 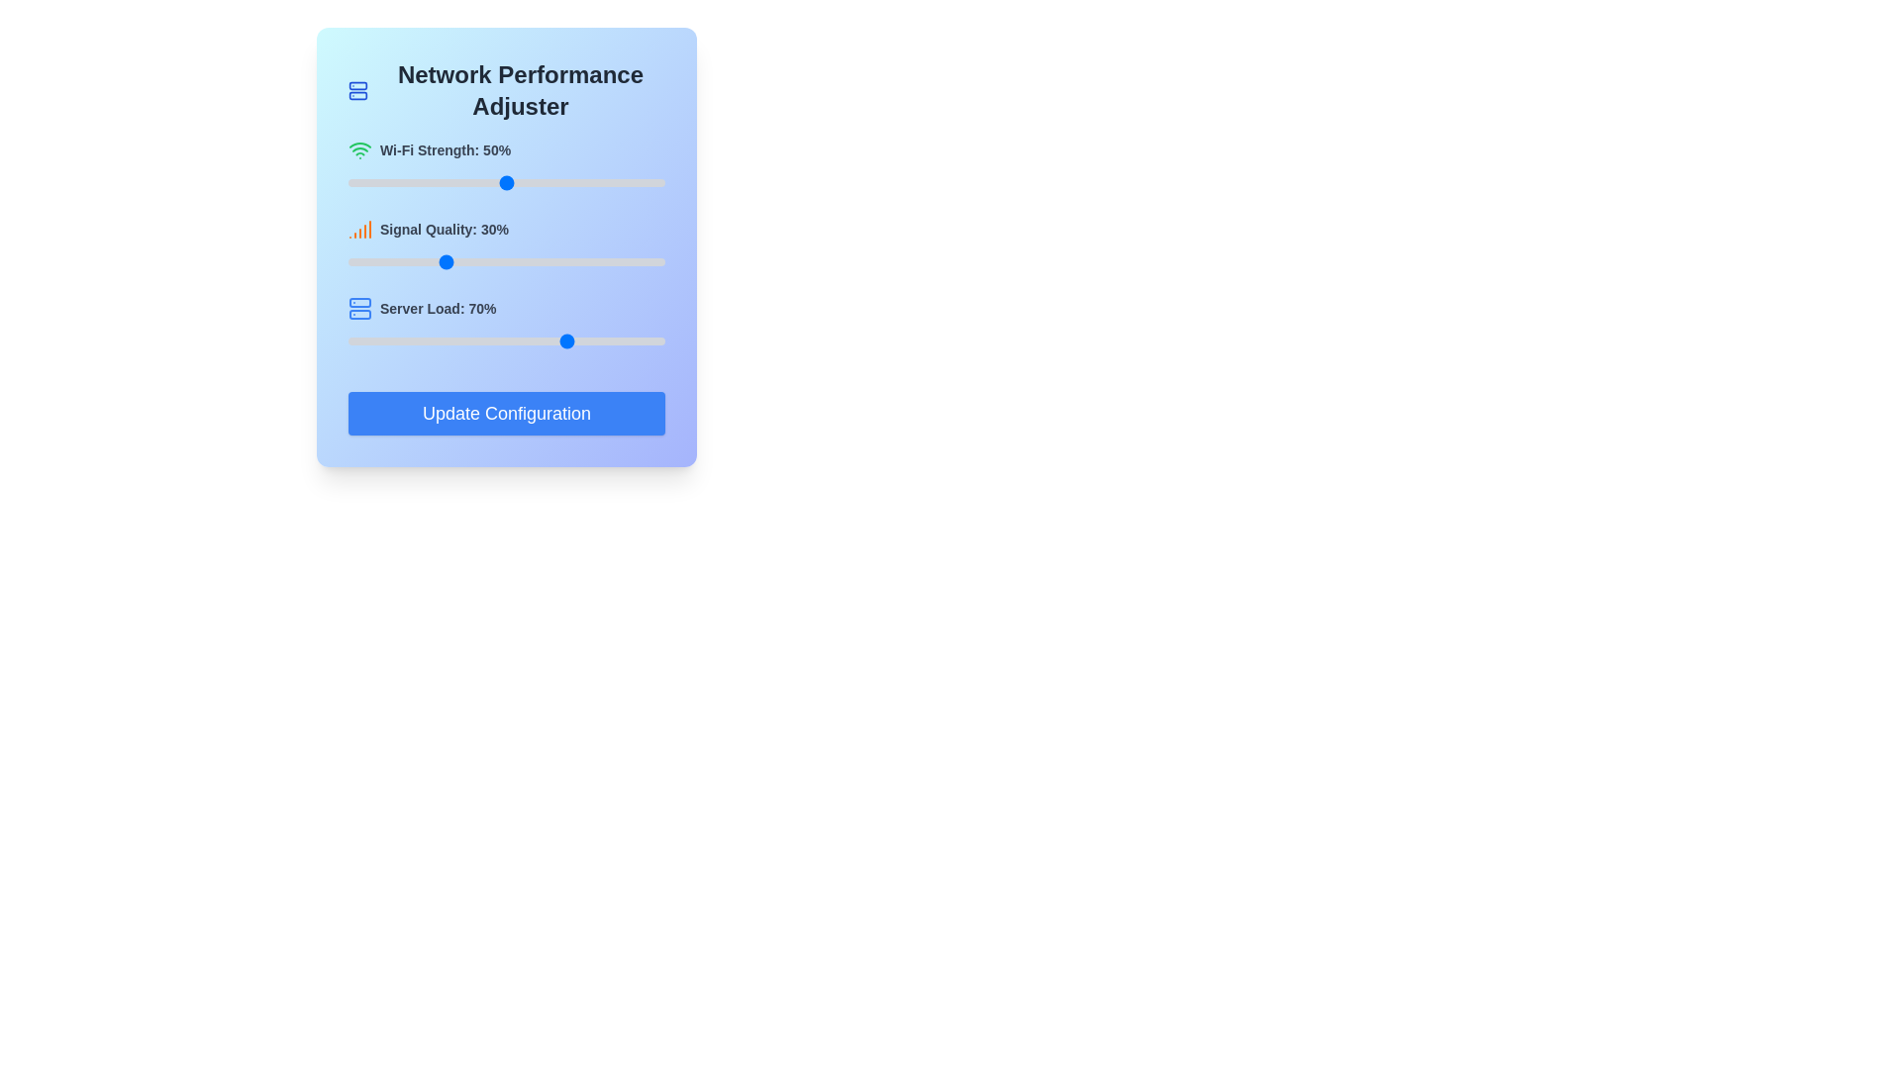 I want to click on the Server Load slider, so click(x=554, y=340).